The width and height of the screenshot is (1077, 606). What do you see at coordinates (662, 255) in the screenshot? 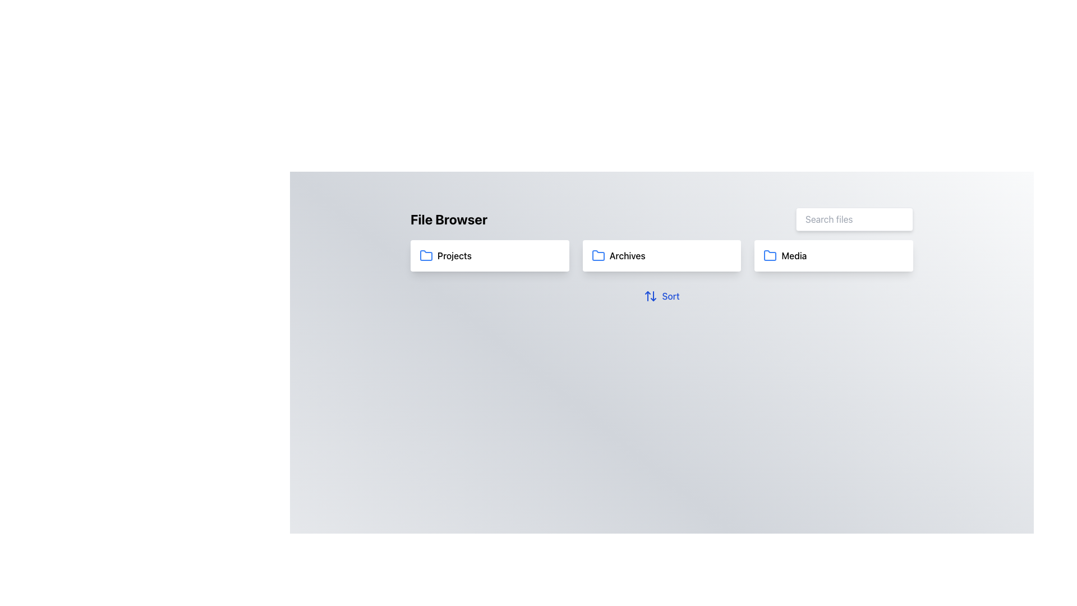
I see `the 'Archives' button, which is the second block in a horizontal grid layout` at bounding box center [662, 255].